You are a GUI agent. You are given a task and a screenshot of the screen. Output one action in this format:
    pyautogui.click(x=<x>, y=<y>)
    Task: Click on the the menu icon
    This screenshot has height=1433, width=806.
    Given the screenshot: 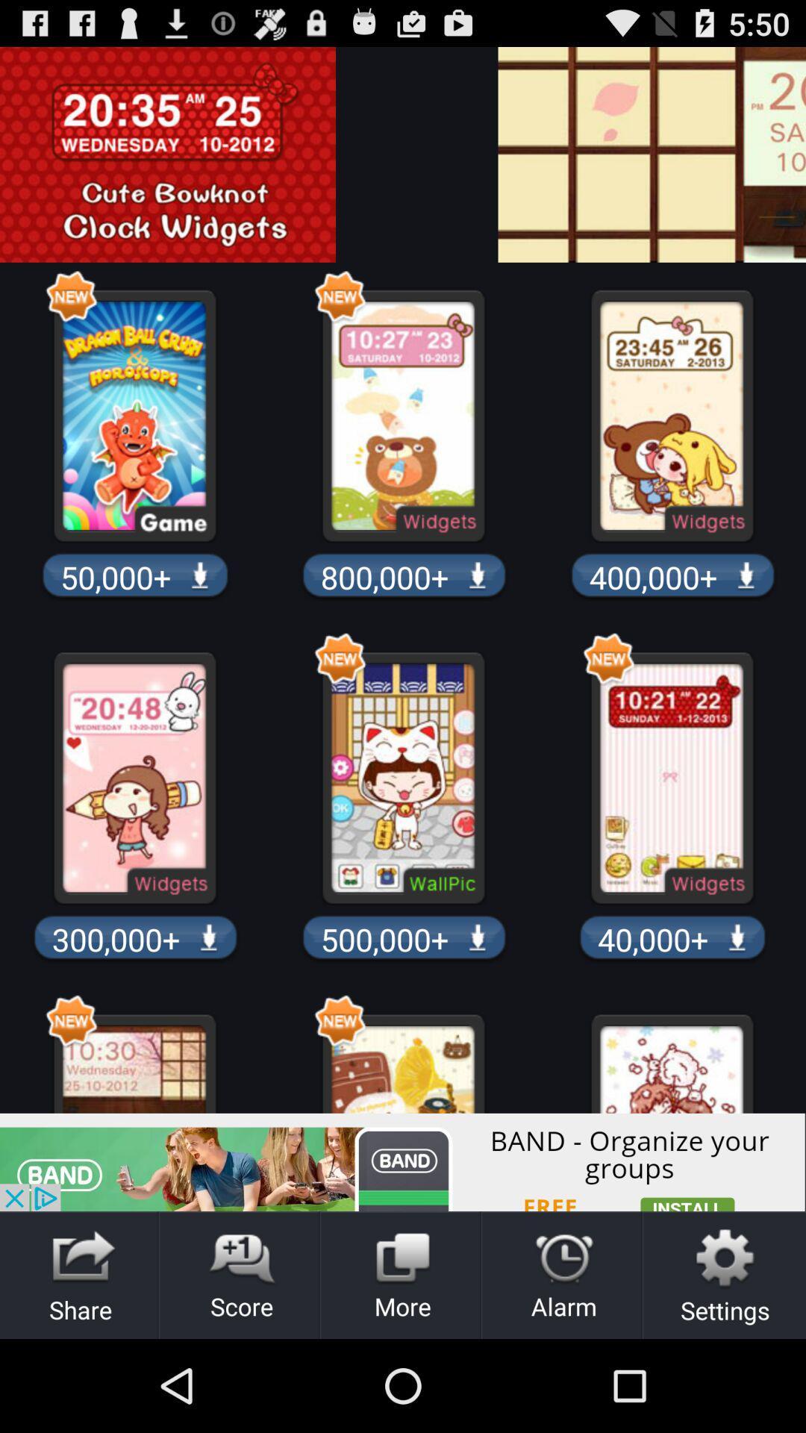 What is the action you would take?
    pyautogui.click(x=794, y=165)
    